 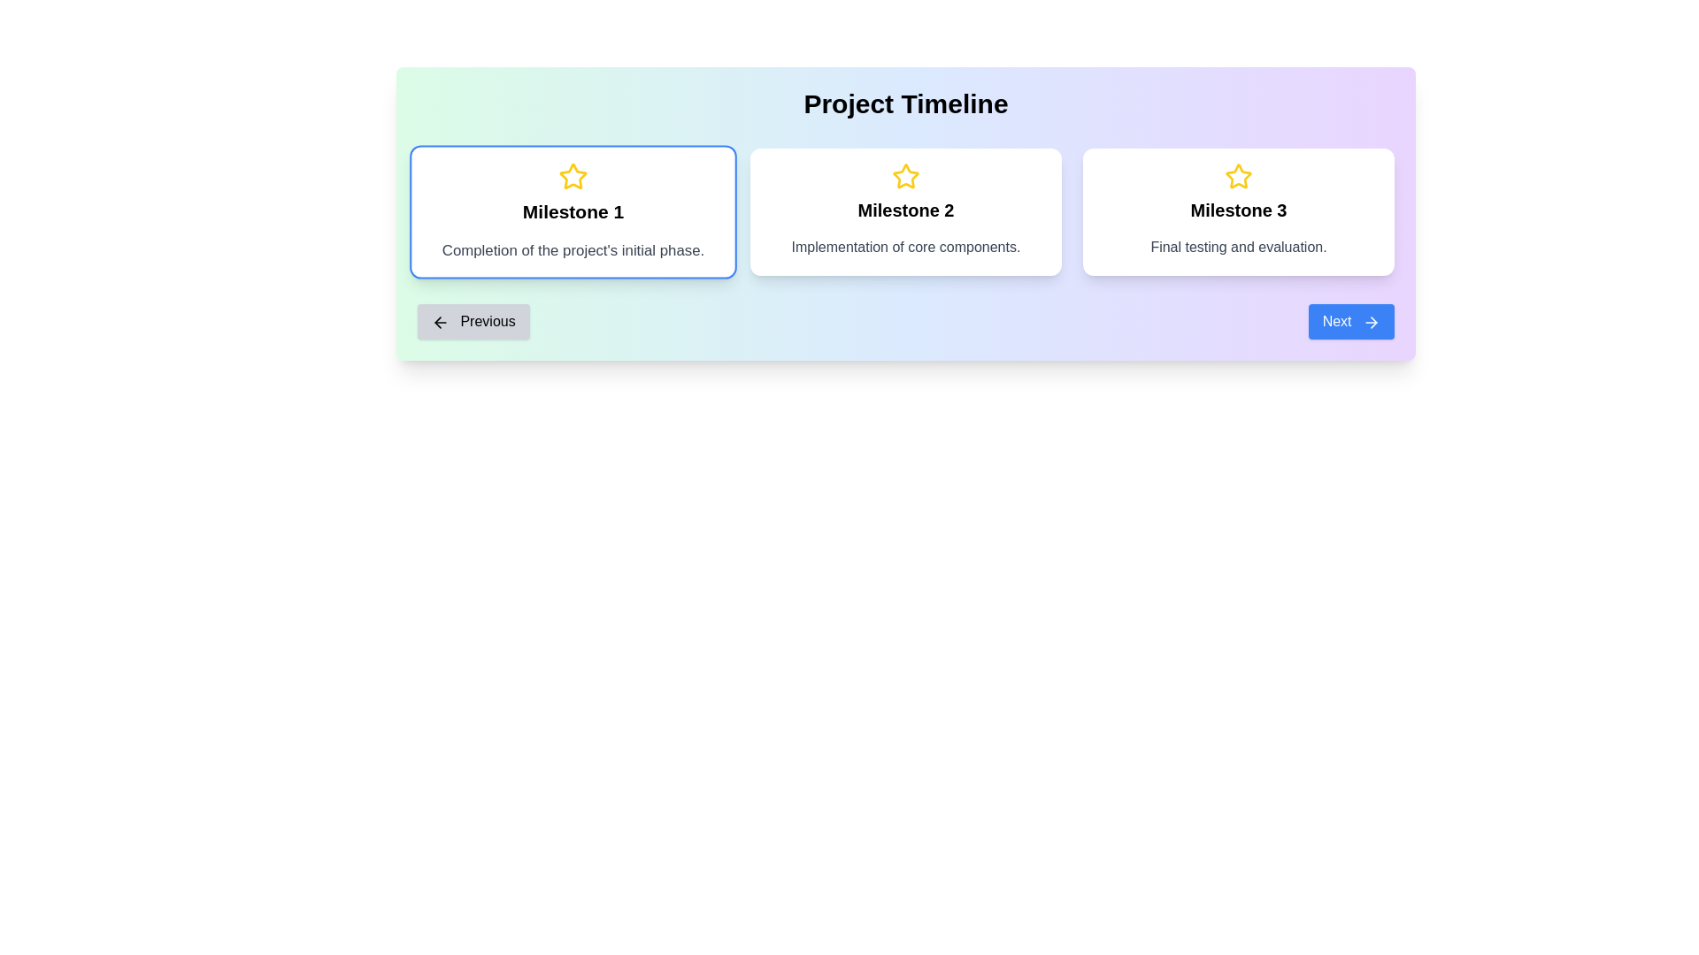 I want to click on the 'Next' button located at the bottom-right of the navigation bar to observe the hover effects, so click(x=1350, y=321).